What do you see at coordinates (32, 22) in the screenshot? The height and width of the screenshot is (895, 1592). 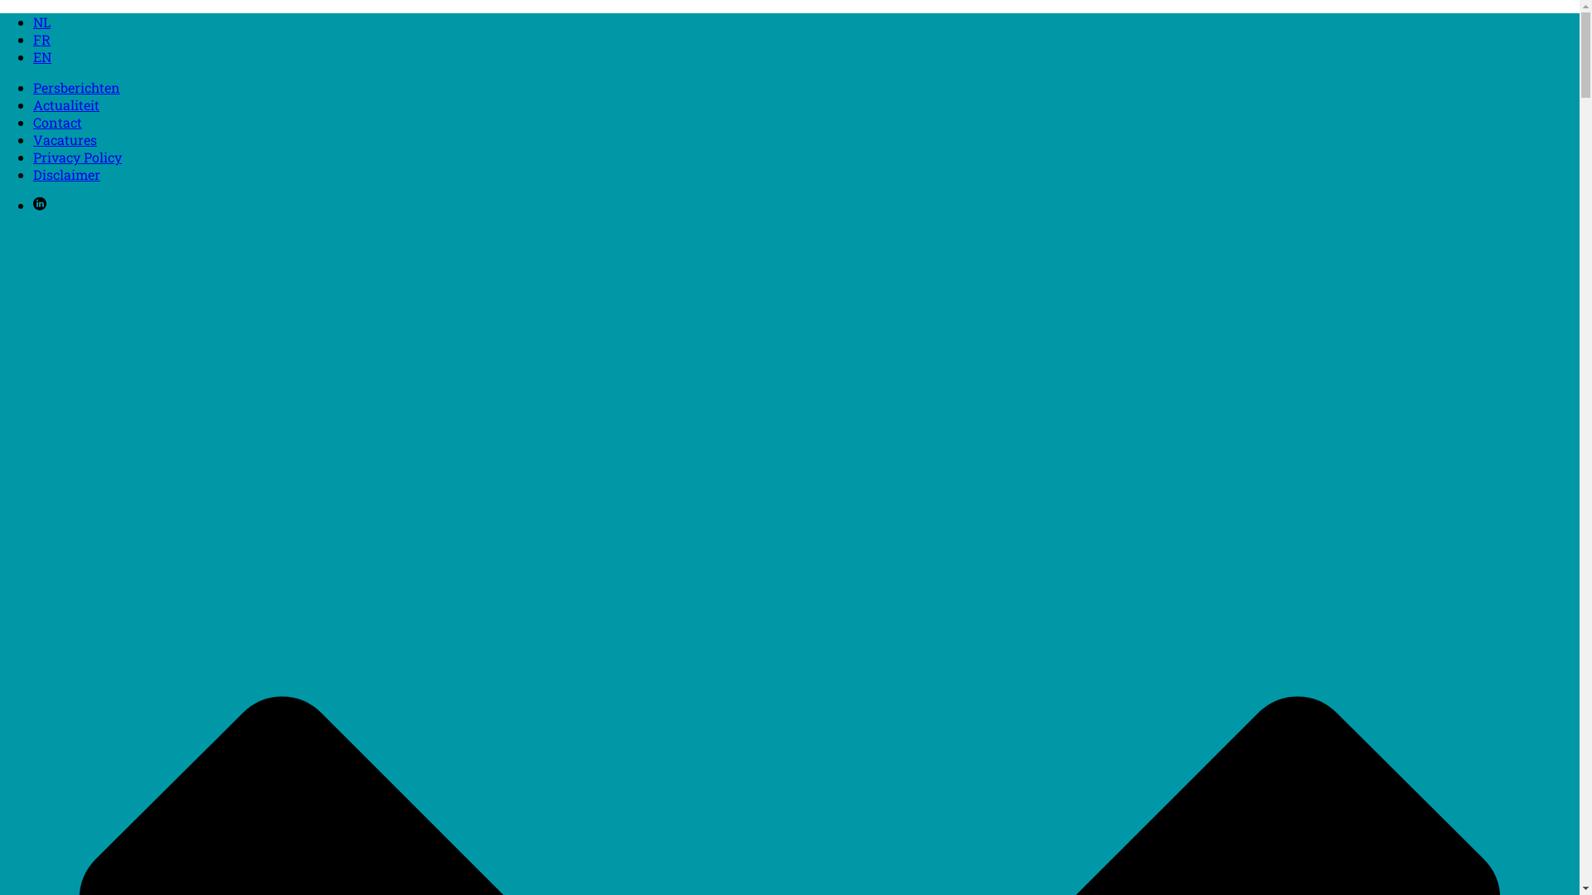 I see `'NL'` at bounding box center [32, 22].